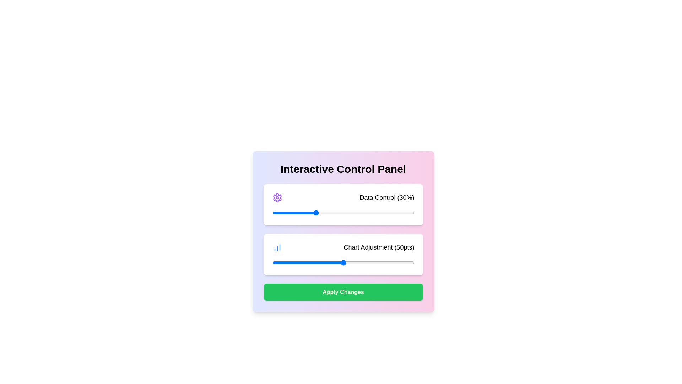 Image resolution: width=682 pixels, height=384 pixels. I want to click on the 'Chart Adjustment' slider to a value of 32 points, so click(317, 263).